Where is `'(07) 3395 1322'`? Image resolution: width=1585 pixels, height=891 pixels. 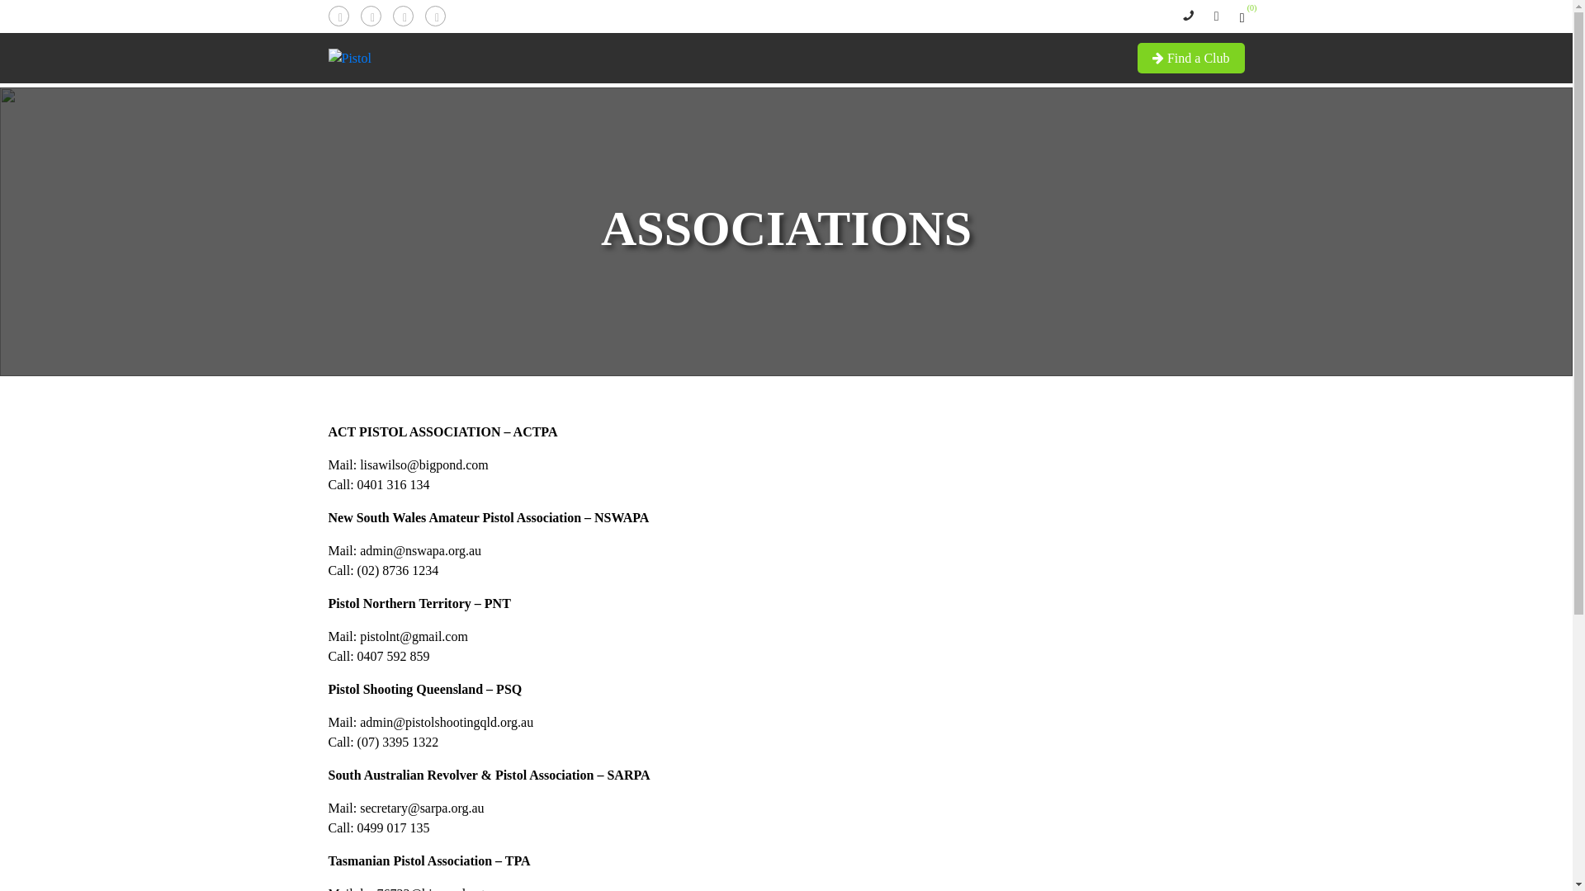 '(07) 3395 1322' is located at coordinates (398, 741).